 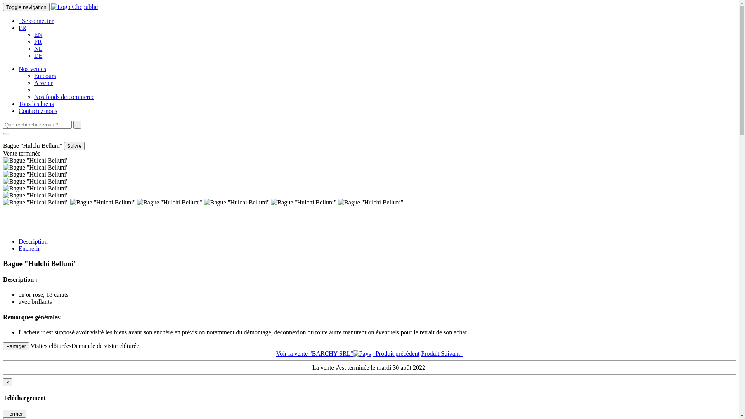 I want to click on 'Bague "Hulchi Belluni"', so click(x=169, y=202).